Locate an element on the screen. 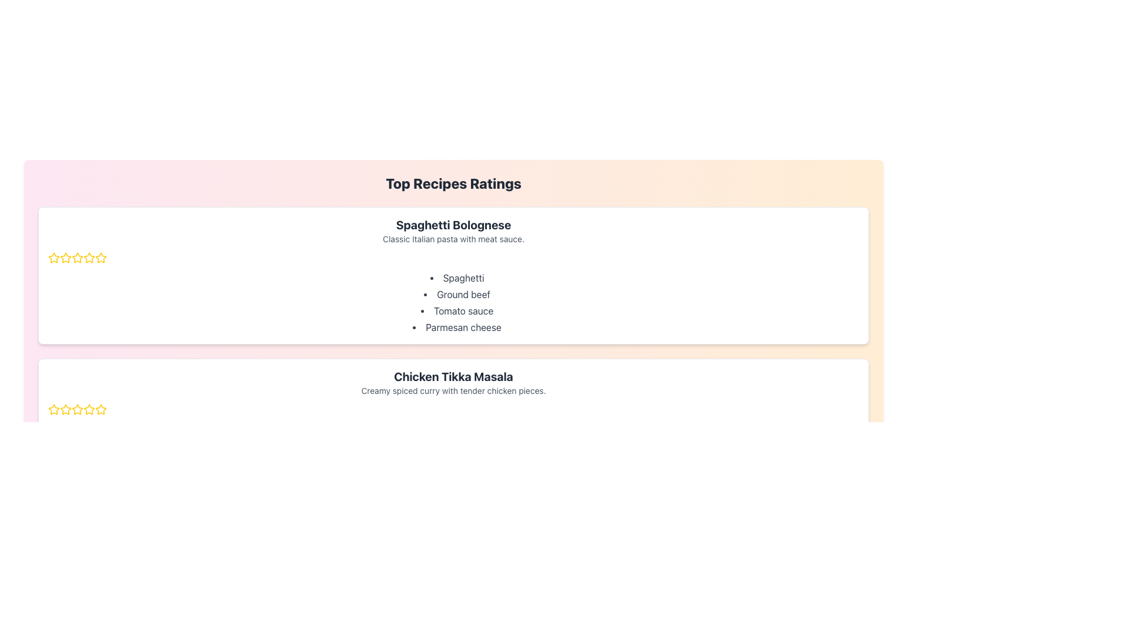 This screenshot has width=1129, height=635. the second star is located at coordinates (89, 257).